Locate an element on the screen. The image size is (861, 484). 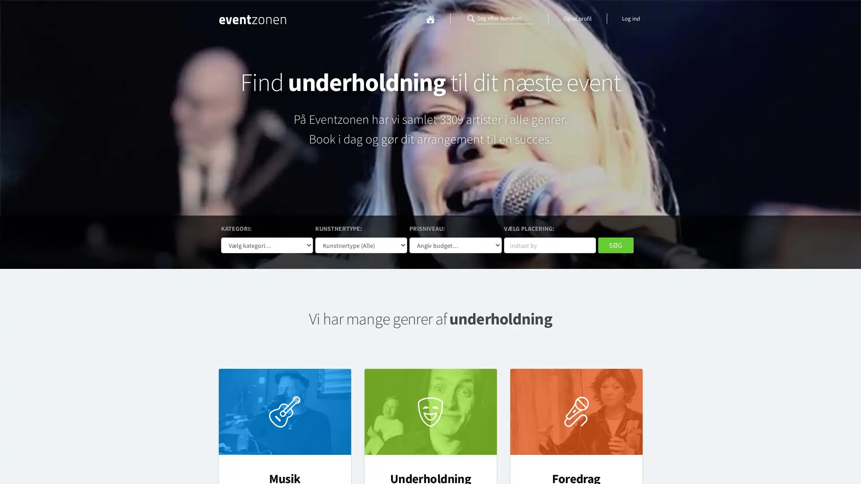
Sg is located at coordinates (615, 245).